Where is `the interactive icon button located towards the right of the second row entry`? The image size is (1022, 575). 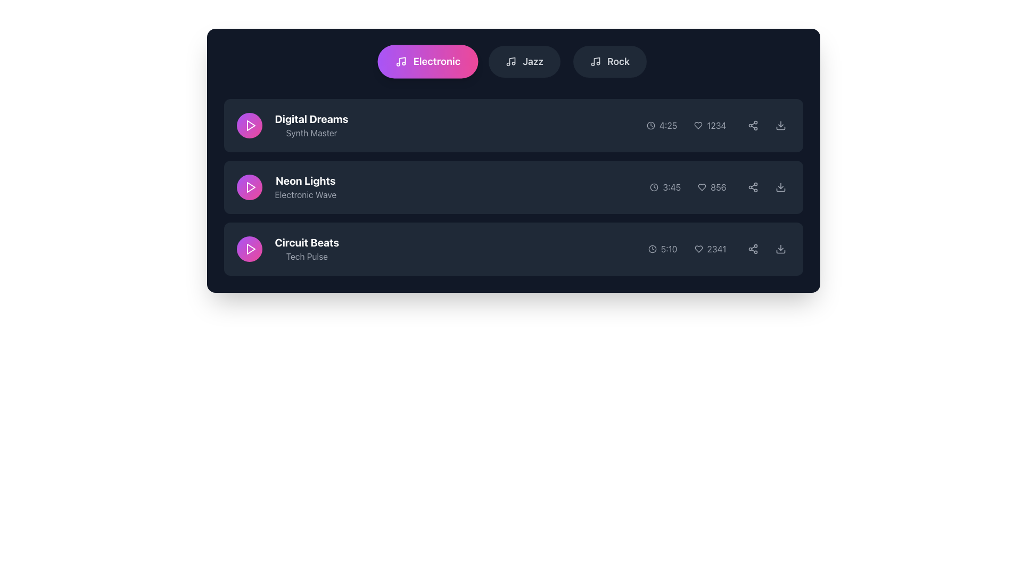
the interactive icon button located towards the right of the second row entry is located at coordinates (752, 186).